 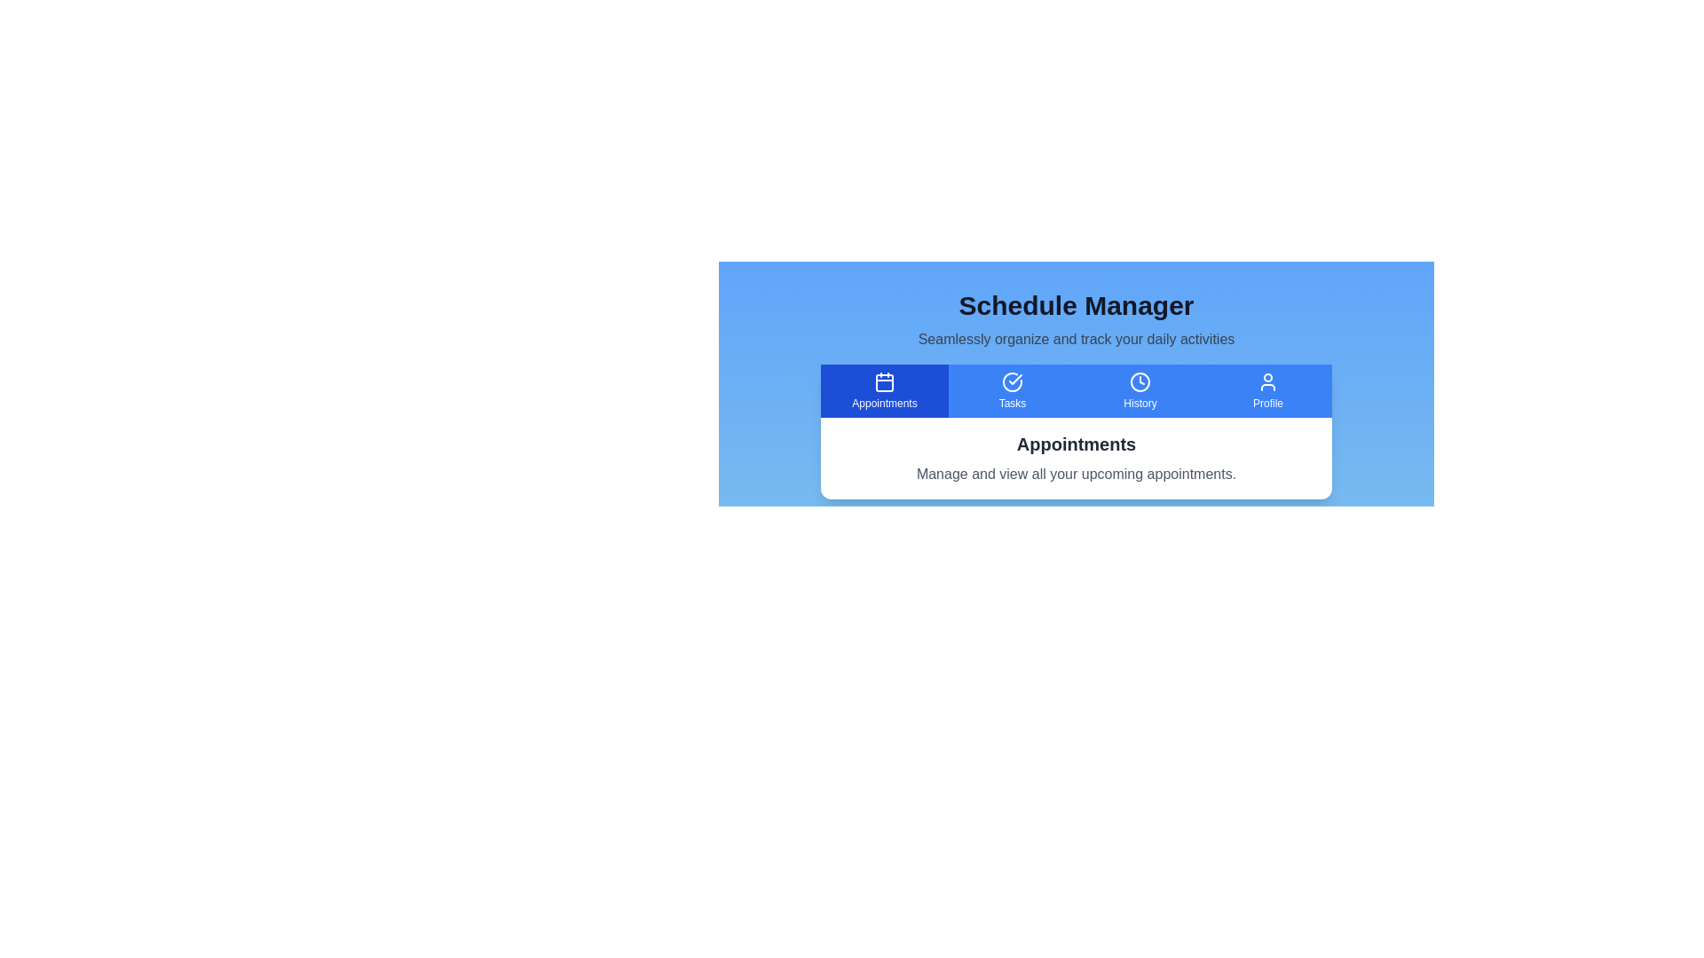 I want to click on the decorative component of the calendar icon, which represents the main body of the calendar interface, located under the 'Appointments' label on the tab bar, so click(x=885, y=382).